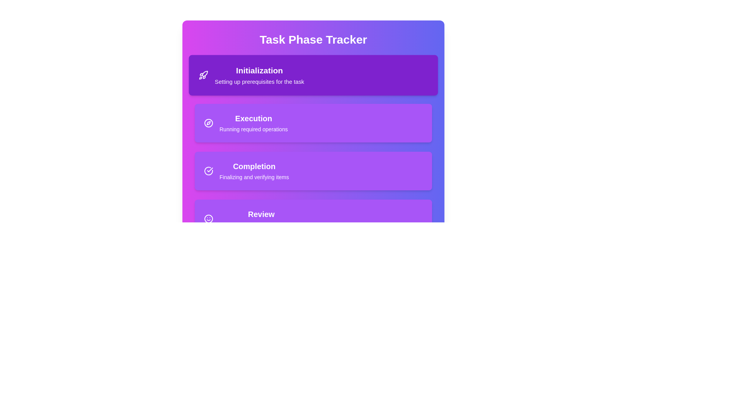 The image size is (742, 417). Describe the element at coordinates (261, 225) in the screenshot. I see `the second text label located in the 'Review' section, which provides descriptive information related to the 'Review' phase` at that location.